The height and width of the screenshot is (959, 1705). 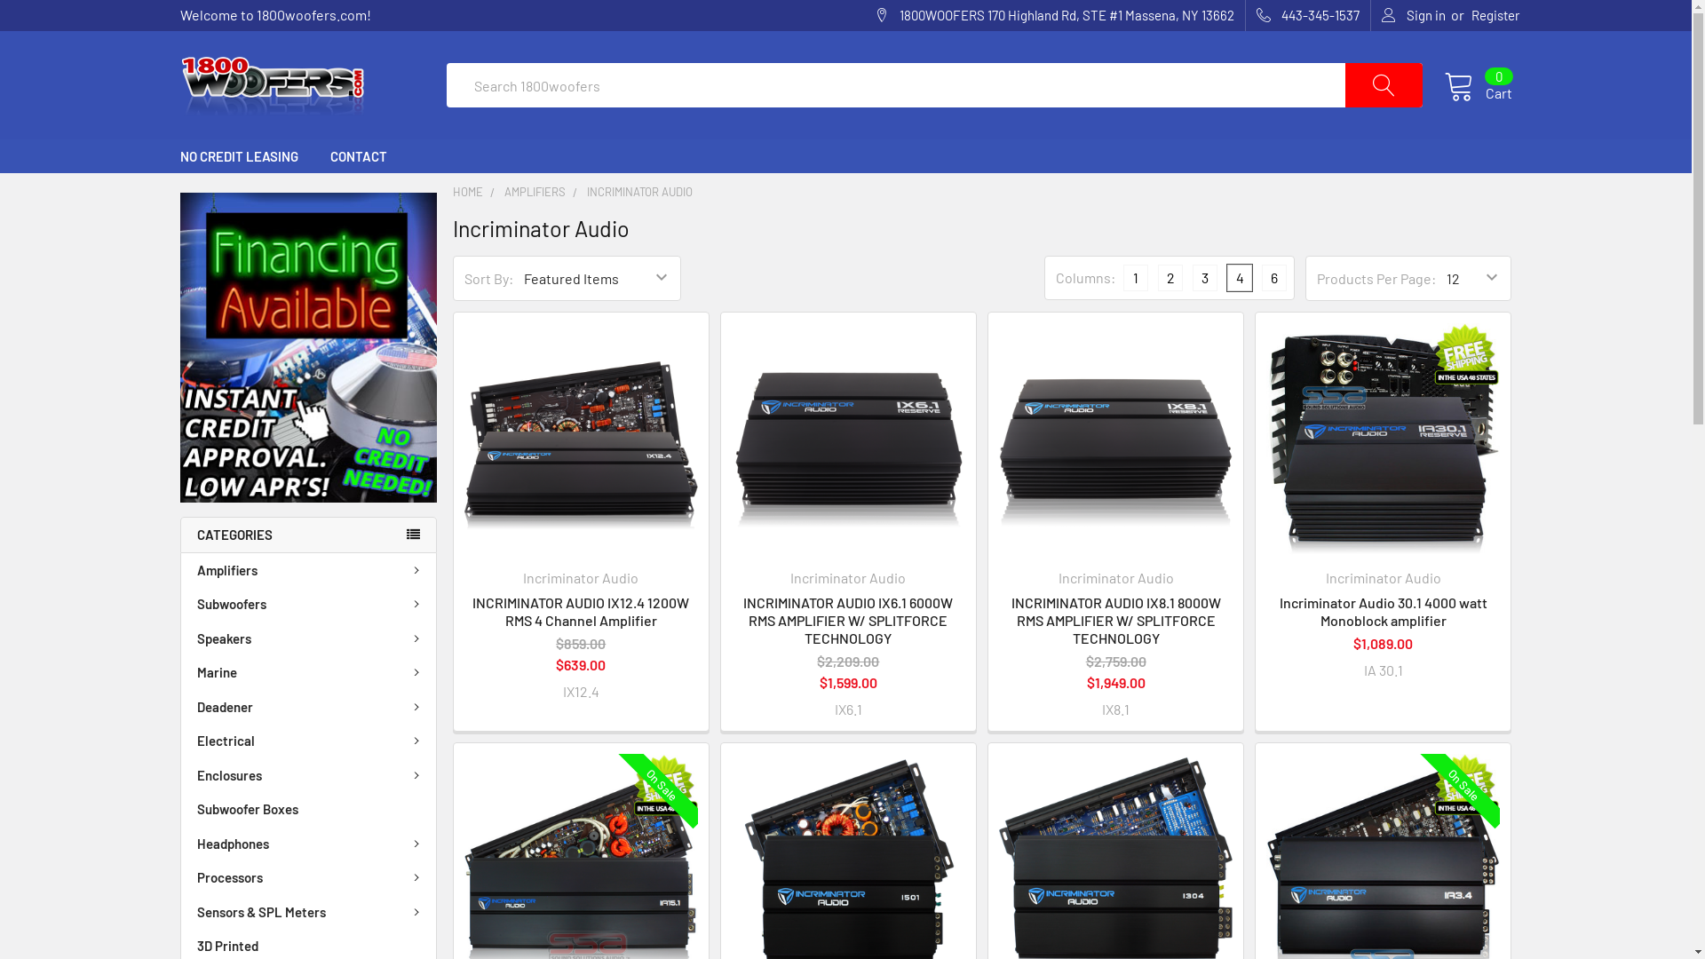 What do you see at coordinates (308, 809) in the screenshot?
I see `'Subwoofer Boxes'` at bounding box center [308, 809].